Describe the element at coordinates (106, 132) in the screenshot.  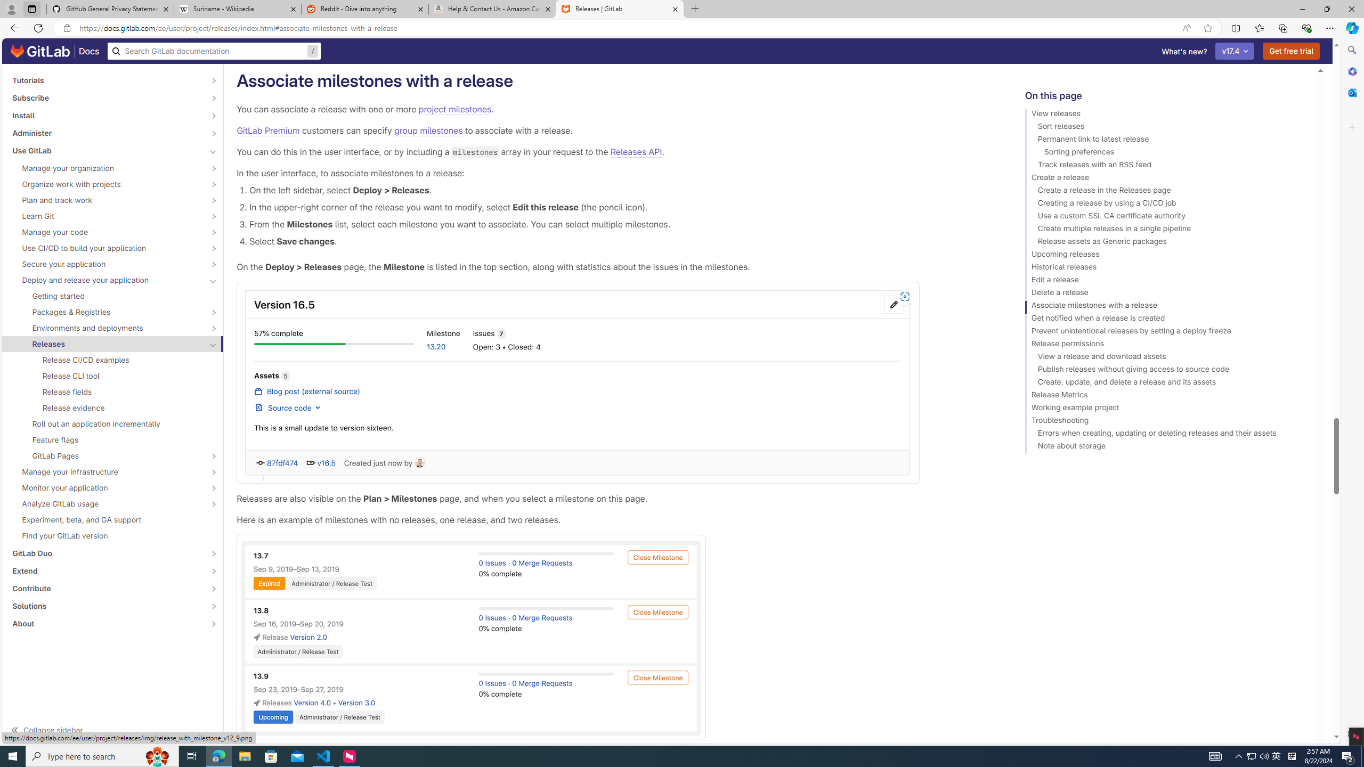
I see `'Administer'` at that location.